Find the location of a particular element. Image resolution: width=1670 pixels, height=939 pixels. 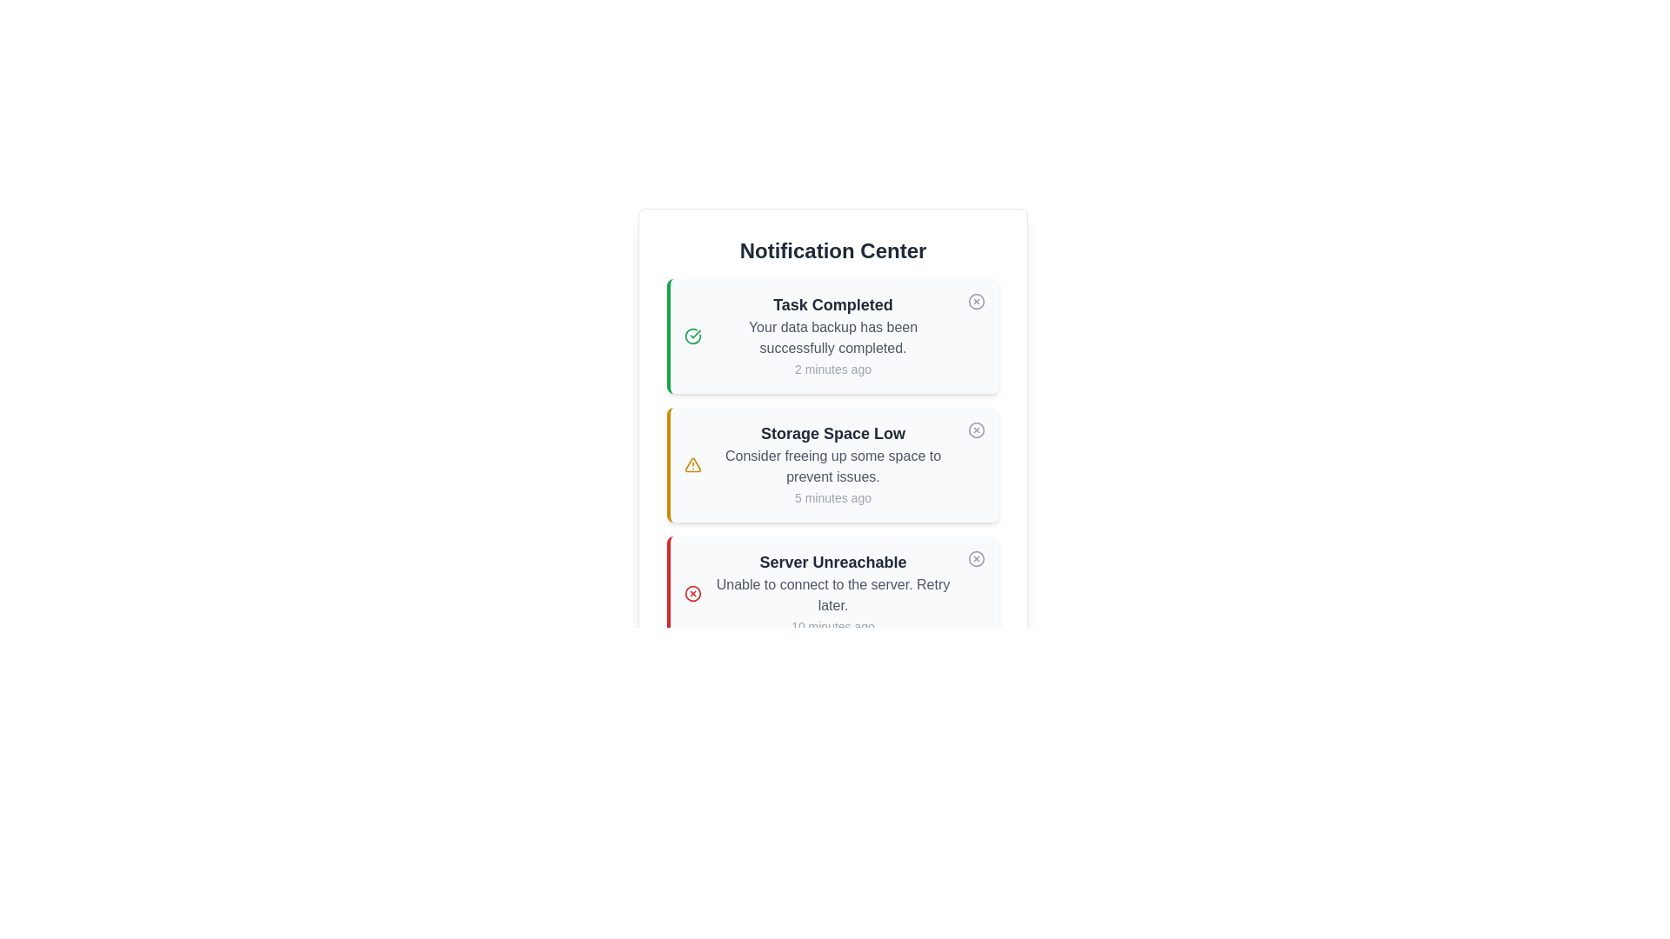

the circular icon with a red border and 'X' shape, which indicates an error or warning, located to the left of the text 'Server Unreachable' in the bottom-most notification card is located at coordinates (691, 592).